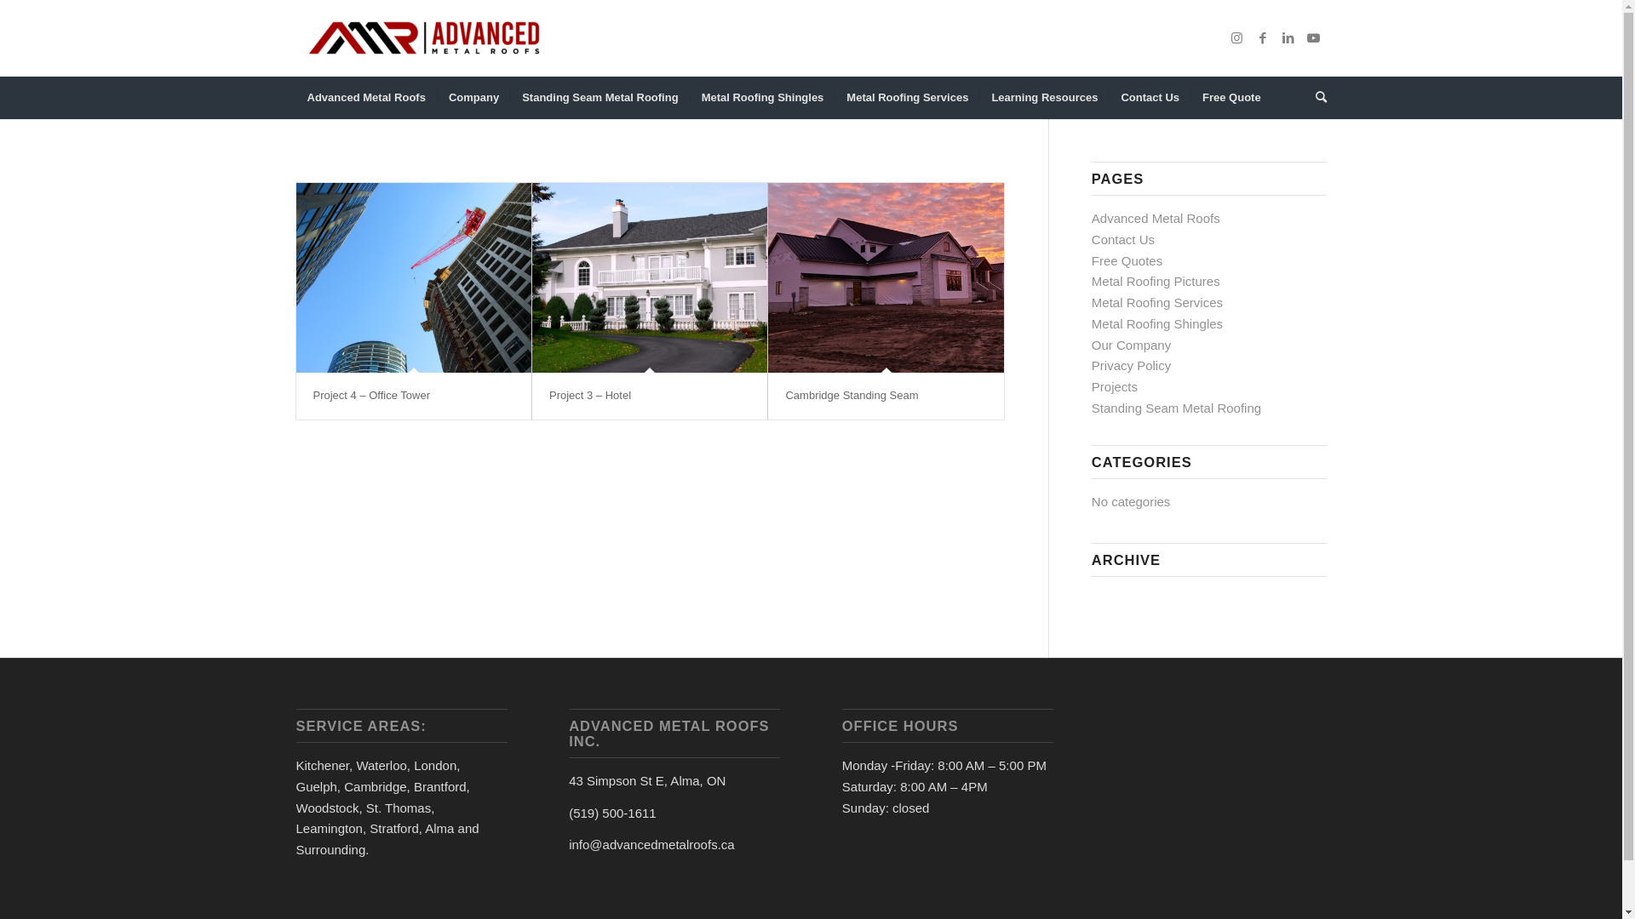 This screenshot has width=1635, height=919. Describe the element at coordinates (365, 98) in the screenshot. I see `'Advanced Metal Roofs'` at that location.